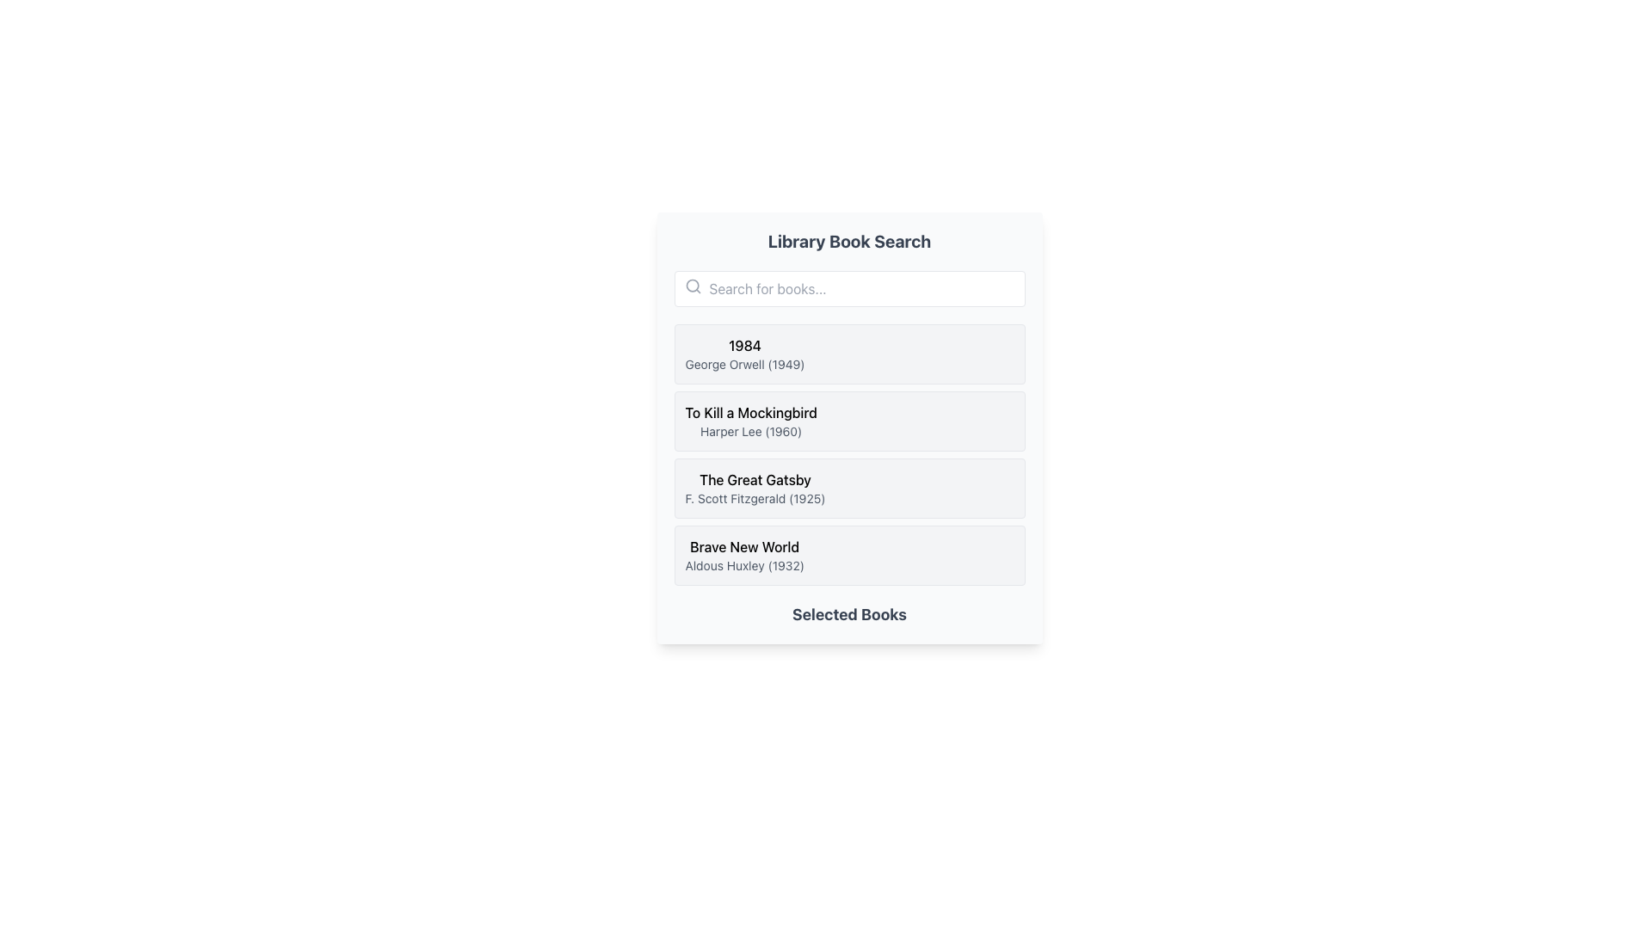  What do you see at coordinates (755, 488) in the screenshot?
I see `text displayed in the third book entry, which includes the title, author, and publication year of a book, located below '1984' and 'To Kill a Mockingbird' and above 'Brave New World.'` at bounding box center [755, 488].